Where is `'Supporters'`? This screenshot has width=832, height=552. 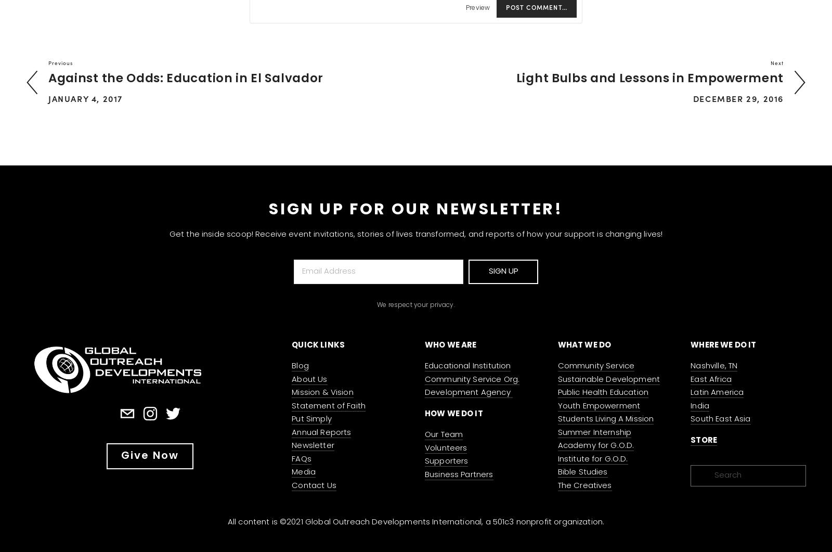 'Supporters' is located at coordinates (446, 461).